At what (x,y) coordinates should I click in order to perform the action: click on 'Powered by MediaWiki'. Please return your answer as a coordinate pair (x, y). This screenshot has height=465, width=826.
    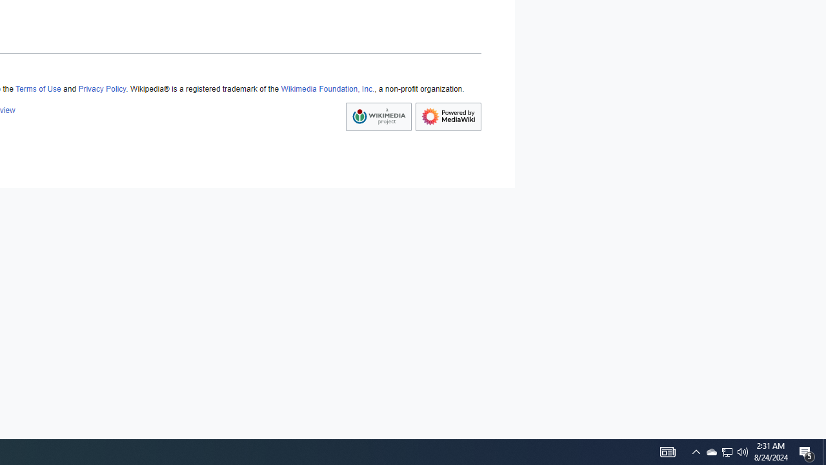
    Looking at the image, I should click on (448, 116).